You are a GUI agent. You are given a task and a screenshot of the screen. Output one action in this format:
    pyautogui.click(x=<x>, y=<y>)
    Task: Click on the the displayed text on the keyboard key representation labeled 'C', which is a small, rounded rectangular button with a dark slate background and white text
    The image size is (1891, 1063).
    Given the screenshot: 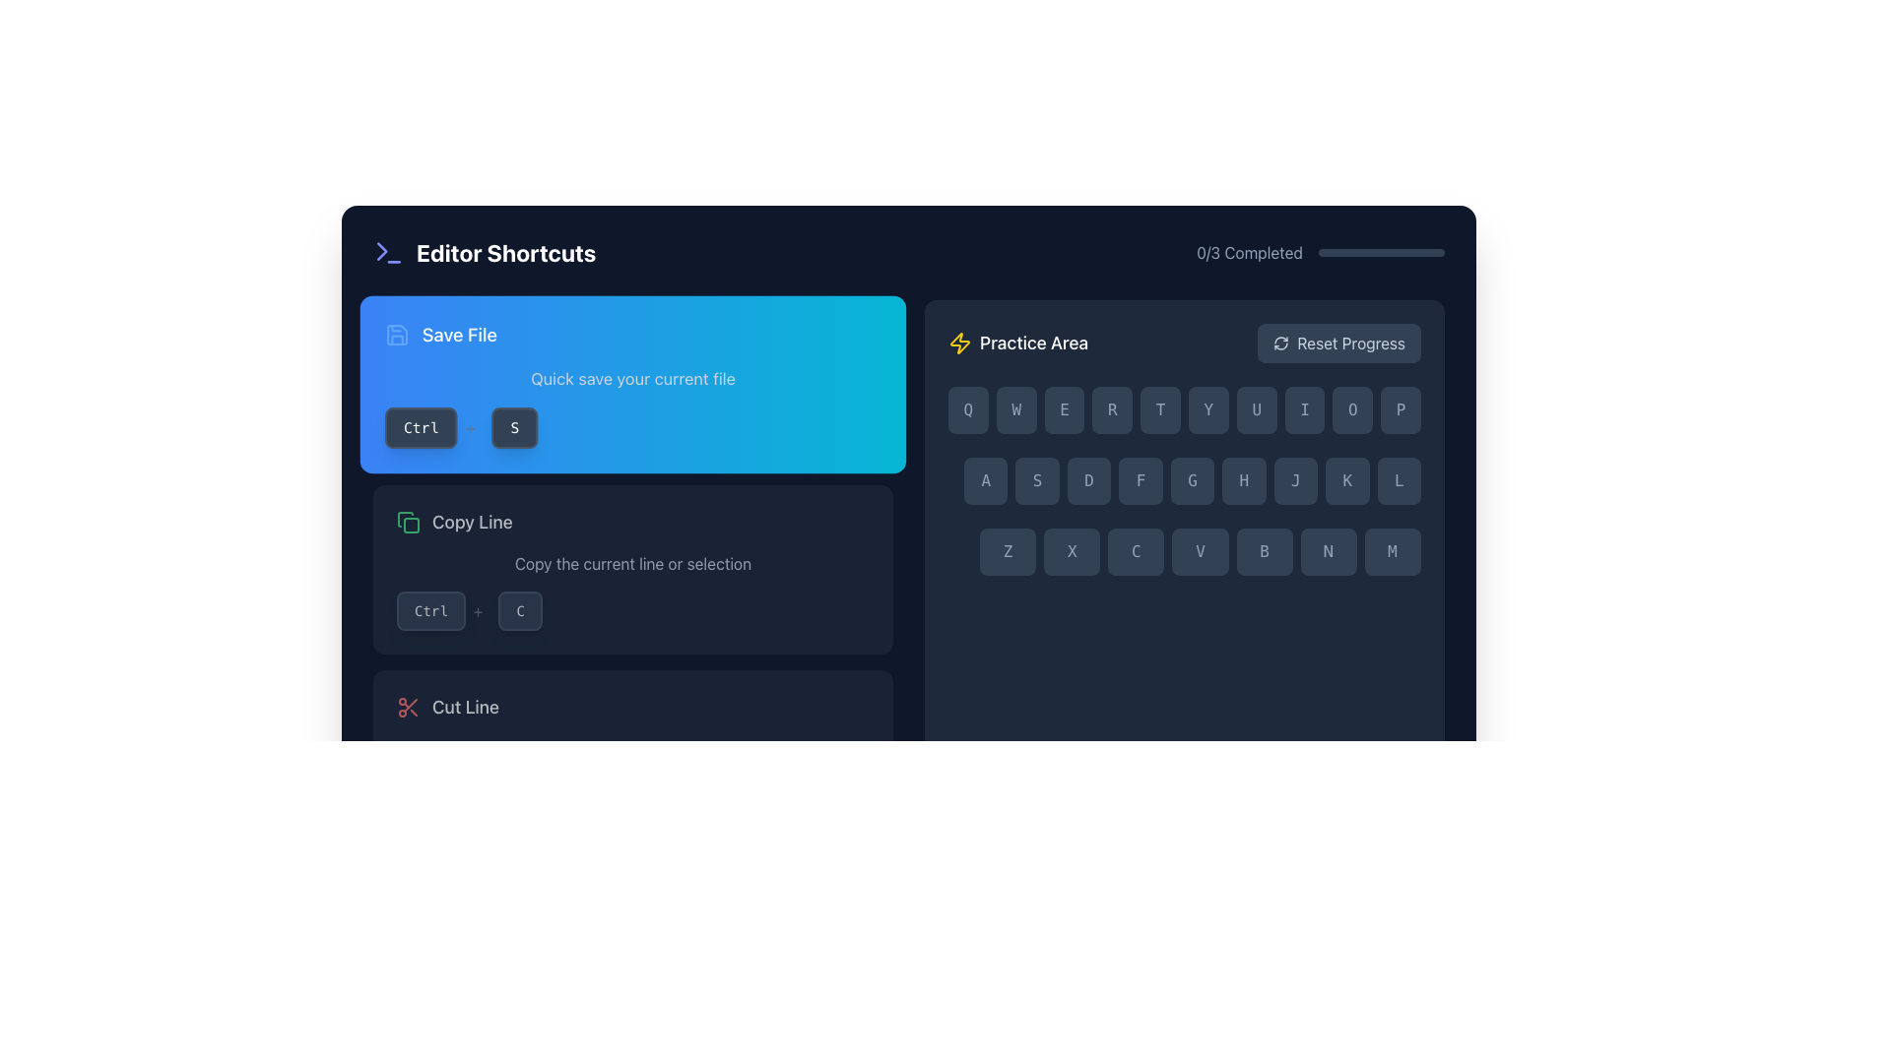 What is the action you would take?
    pyautogui.click(x=520, y=610)
    